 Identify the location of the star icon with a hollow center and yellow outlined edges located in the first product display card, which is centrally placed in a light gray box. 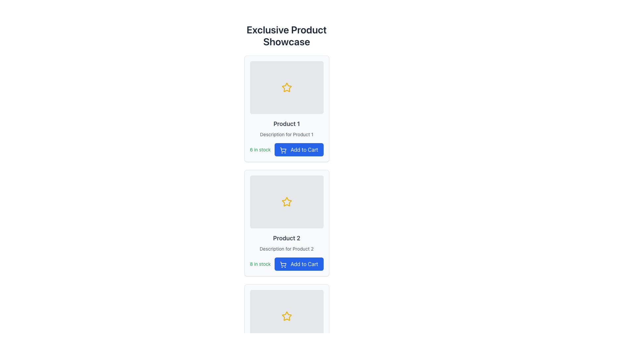
(287, 87).